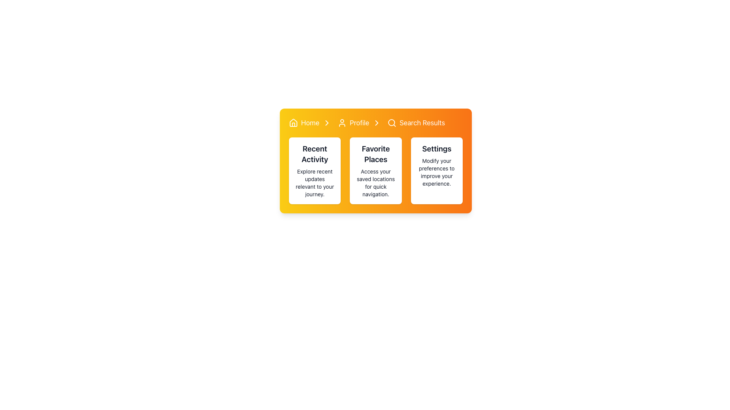 Image resolution: width=730 pixels, height=410 pixels. What do you see at coordinates (377, 123) in the screenshot?
I see `the chevron icon in the breadcrumb navigation bar` at bounding box center [377, 123].